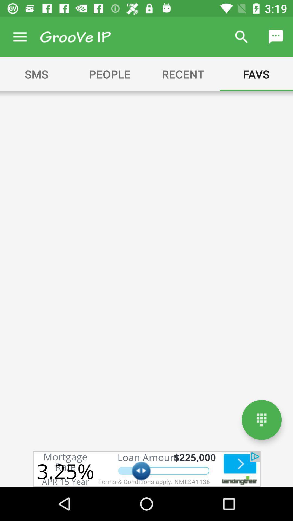  I want to click on open keypad, so click(261, 420).